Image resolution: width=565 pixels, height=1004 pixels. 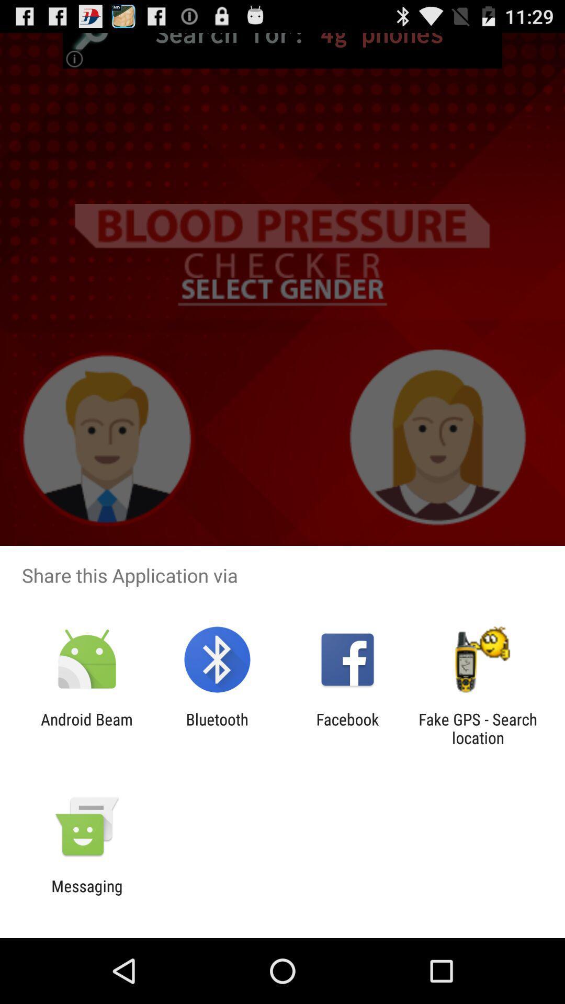 What do you see at coordinates (217, 728) in the screenshot?
I see `the item to the right of the android beam` at bounding box center [217, 728].